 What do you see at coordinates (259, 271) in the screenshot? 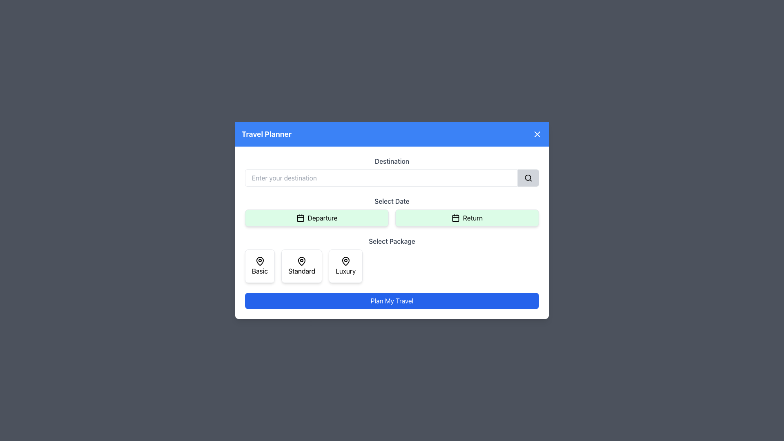
I see `the 'Basic' package option label, which is the leftmost element in the 'Select Package' section, providing a category for user selection` at bounding box center [259, 271].